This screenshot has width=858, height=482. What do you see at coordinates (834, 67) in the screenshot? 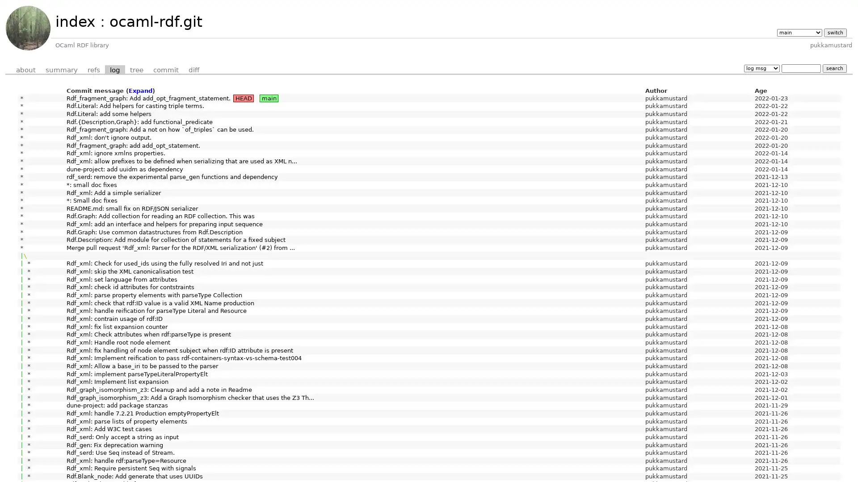
I see `search` at bounding box center [834, 67].